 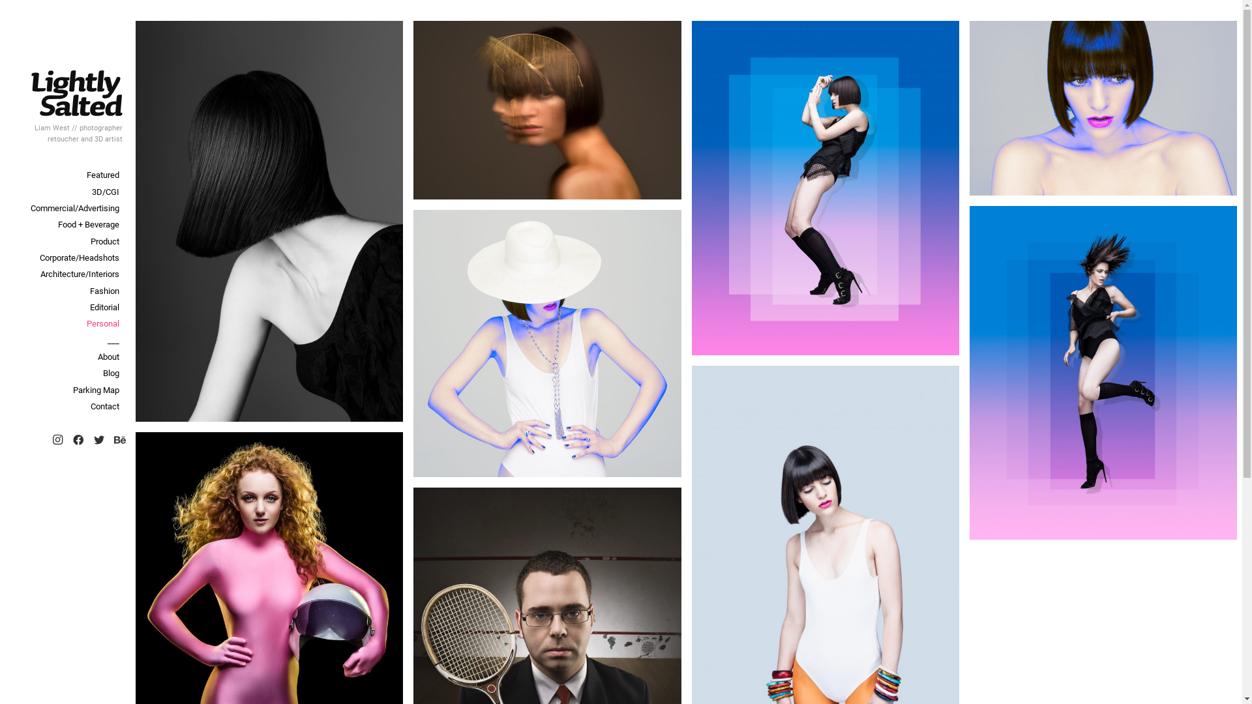 What do you see at coordinates (65, 323) in the screenshot?
I see `'Personal'` at bounding box center [65, 323].